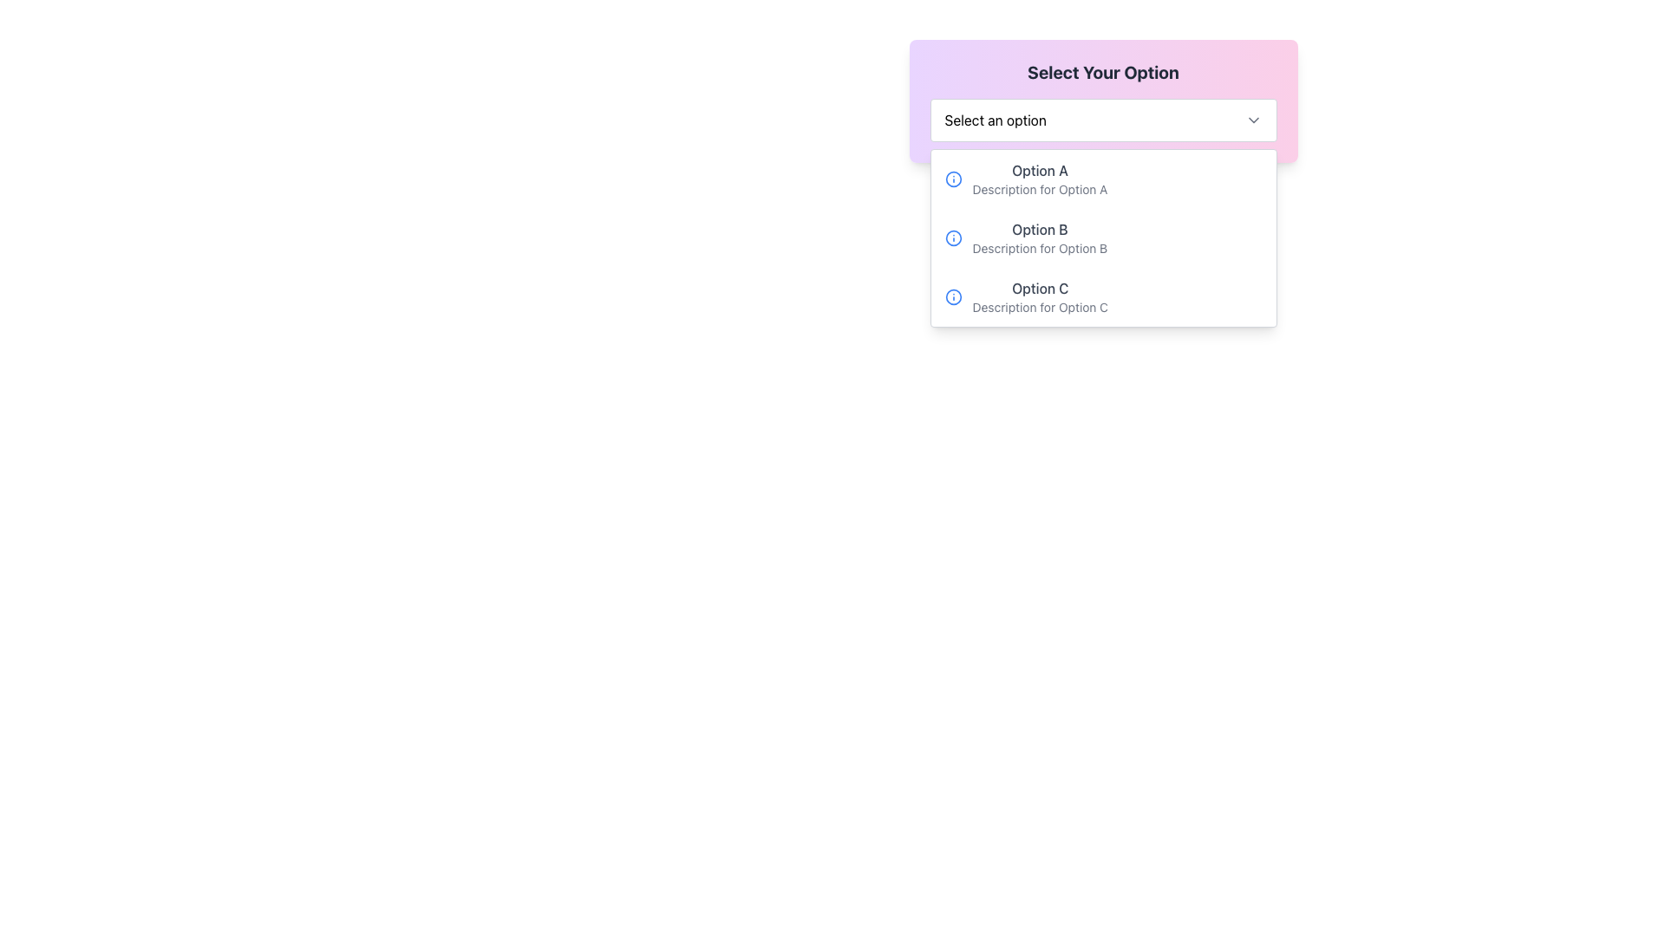 The image size is (1665, 936). I want to click on the selectable list item representing 'Option C', so click(1102, 296).